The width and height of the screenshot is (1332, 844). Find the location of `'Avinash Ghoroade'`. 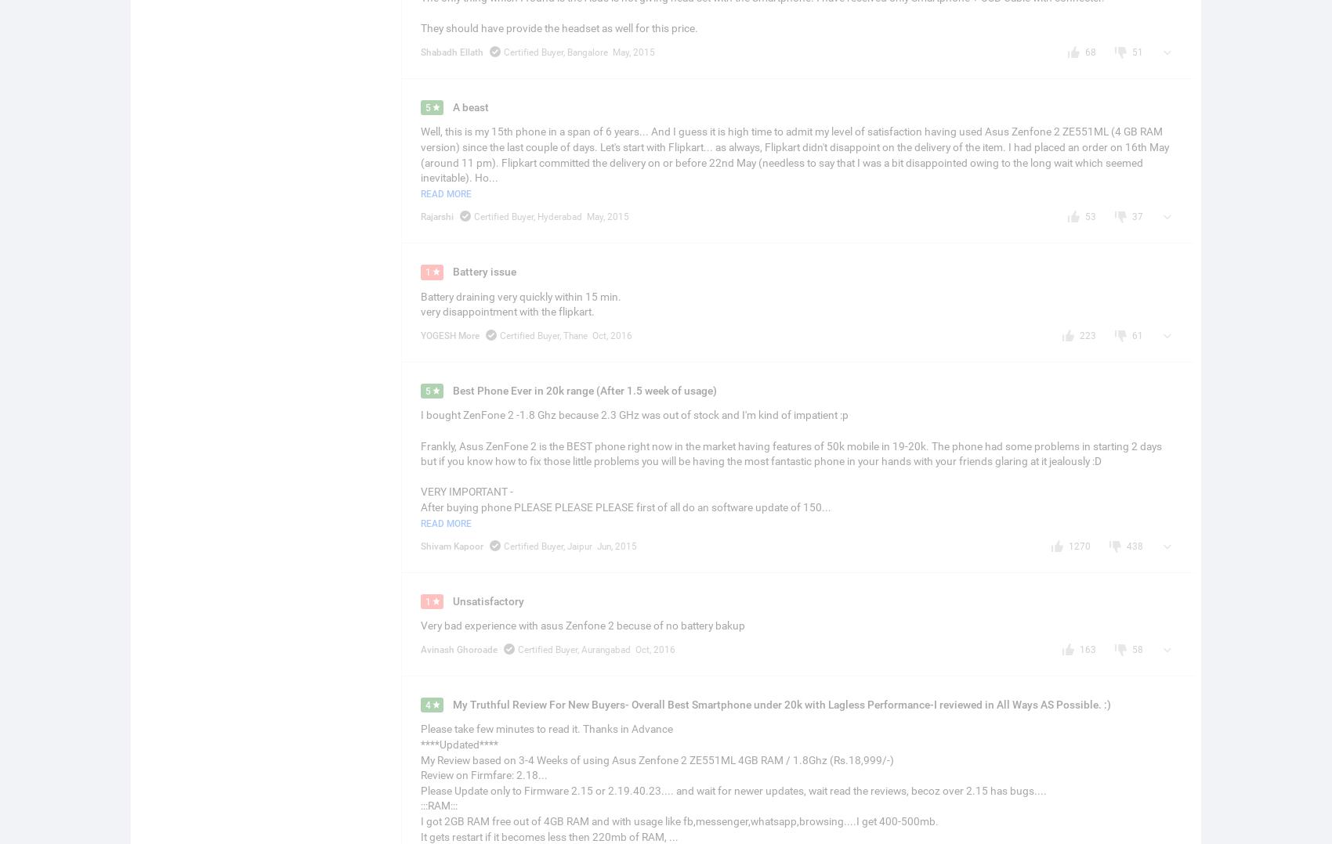

'Avinash Ghoroade' is located at coordinates (457, 649).